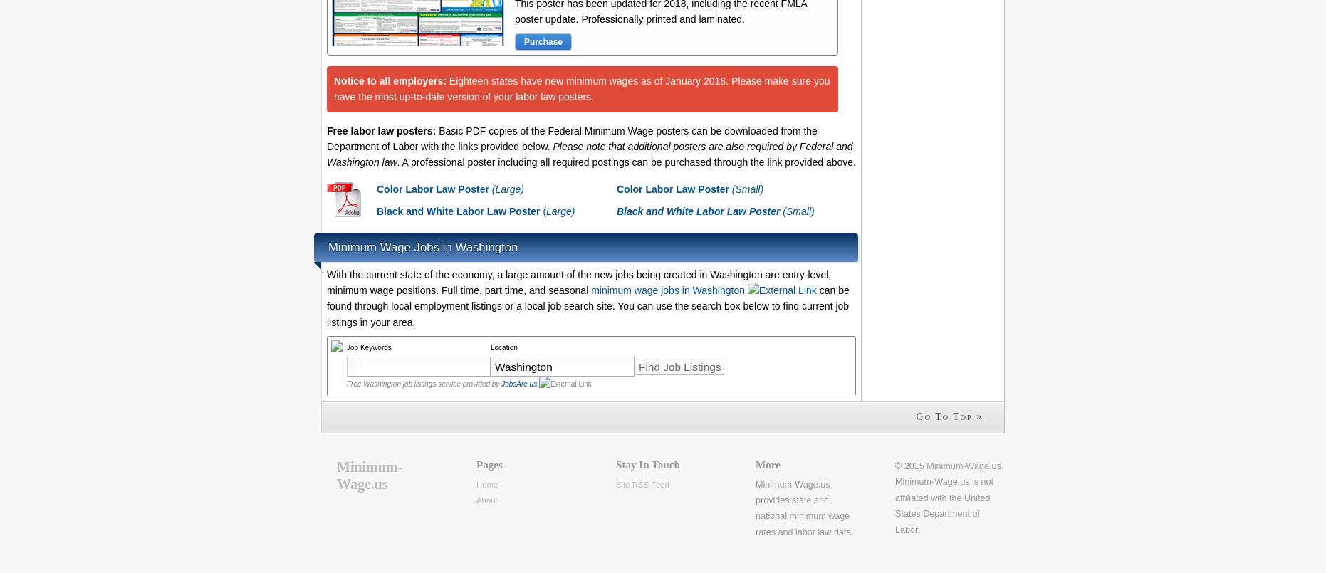 Image resolution: width=1326 pixels, height=573 pixels. What do you see at coordinates (369, 474) in the screenshot?
I see `'Minimum-Wage.us'` at bounding box center [369, 474].